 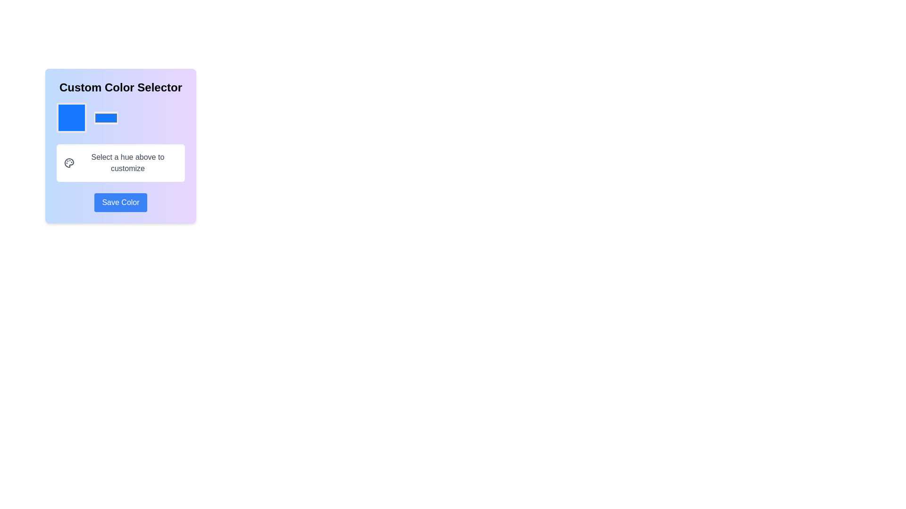 I want to click on the palette-shaped color selection icon located in the 'Custom Color Selector' interface, positioned to the right of a solid square color block and above the text input area, so click(x=68, y=163).